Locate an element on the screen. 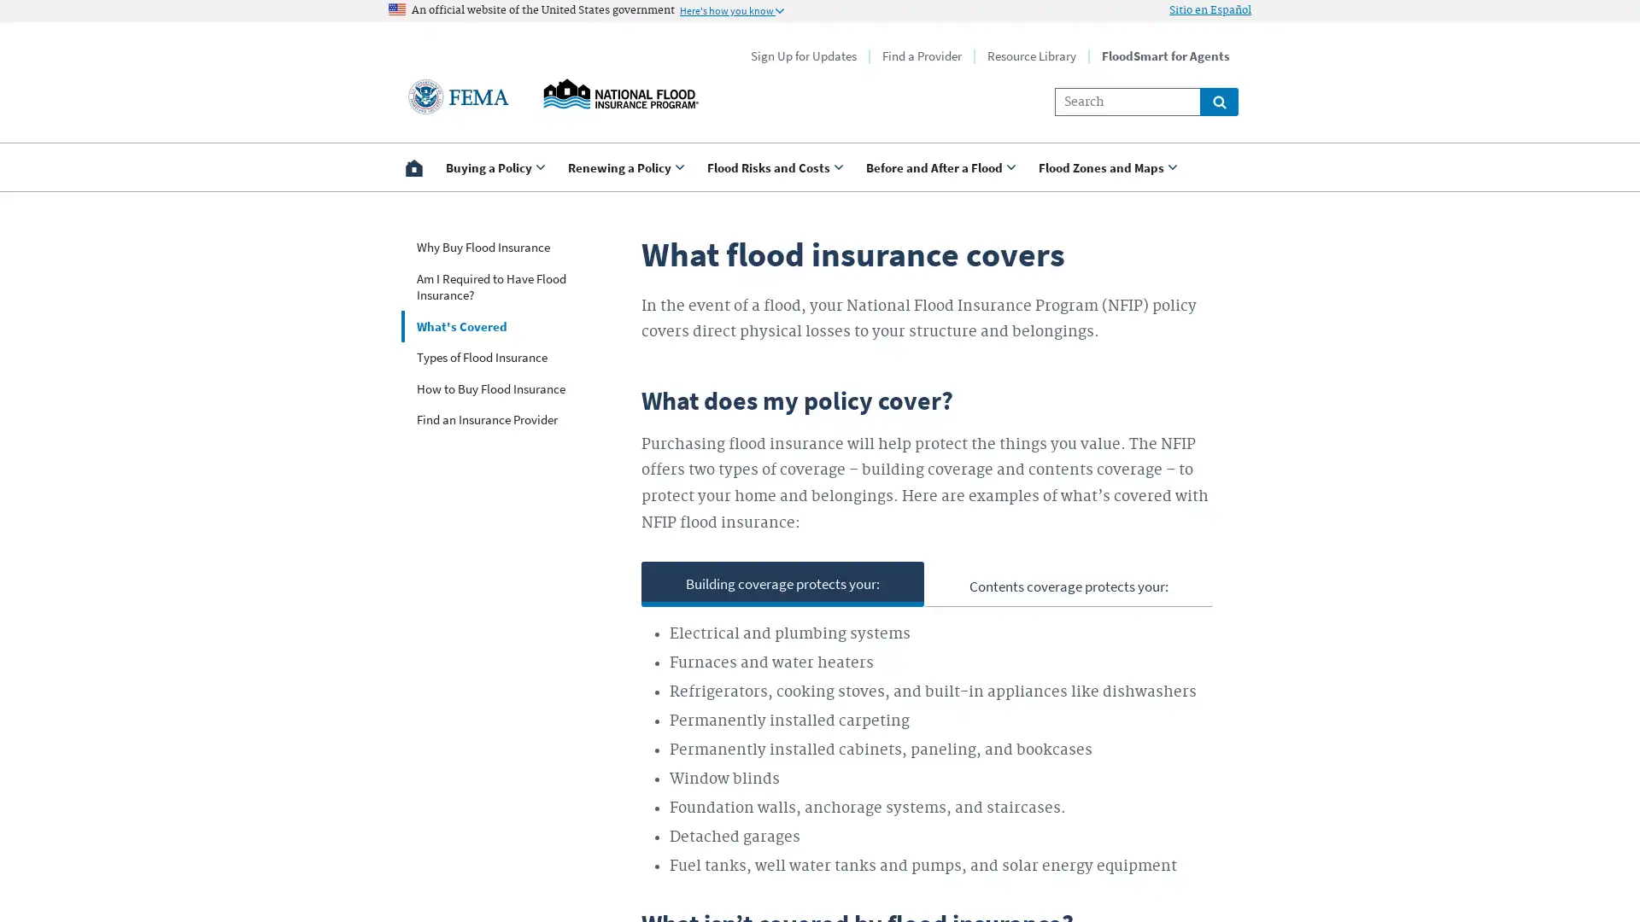 This screenshot has width=1640, height=922. Use <enter> and shift + <enter> to open and close the drop down to sub-menus is located at coordinates (942, 166).